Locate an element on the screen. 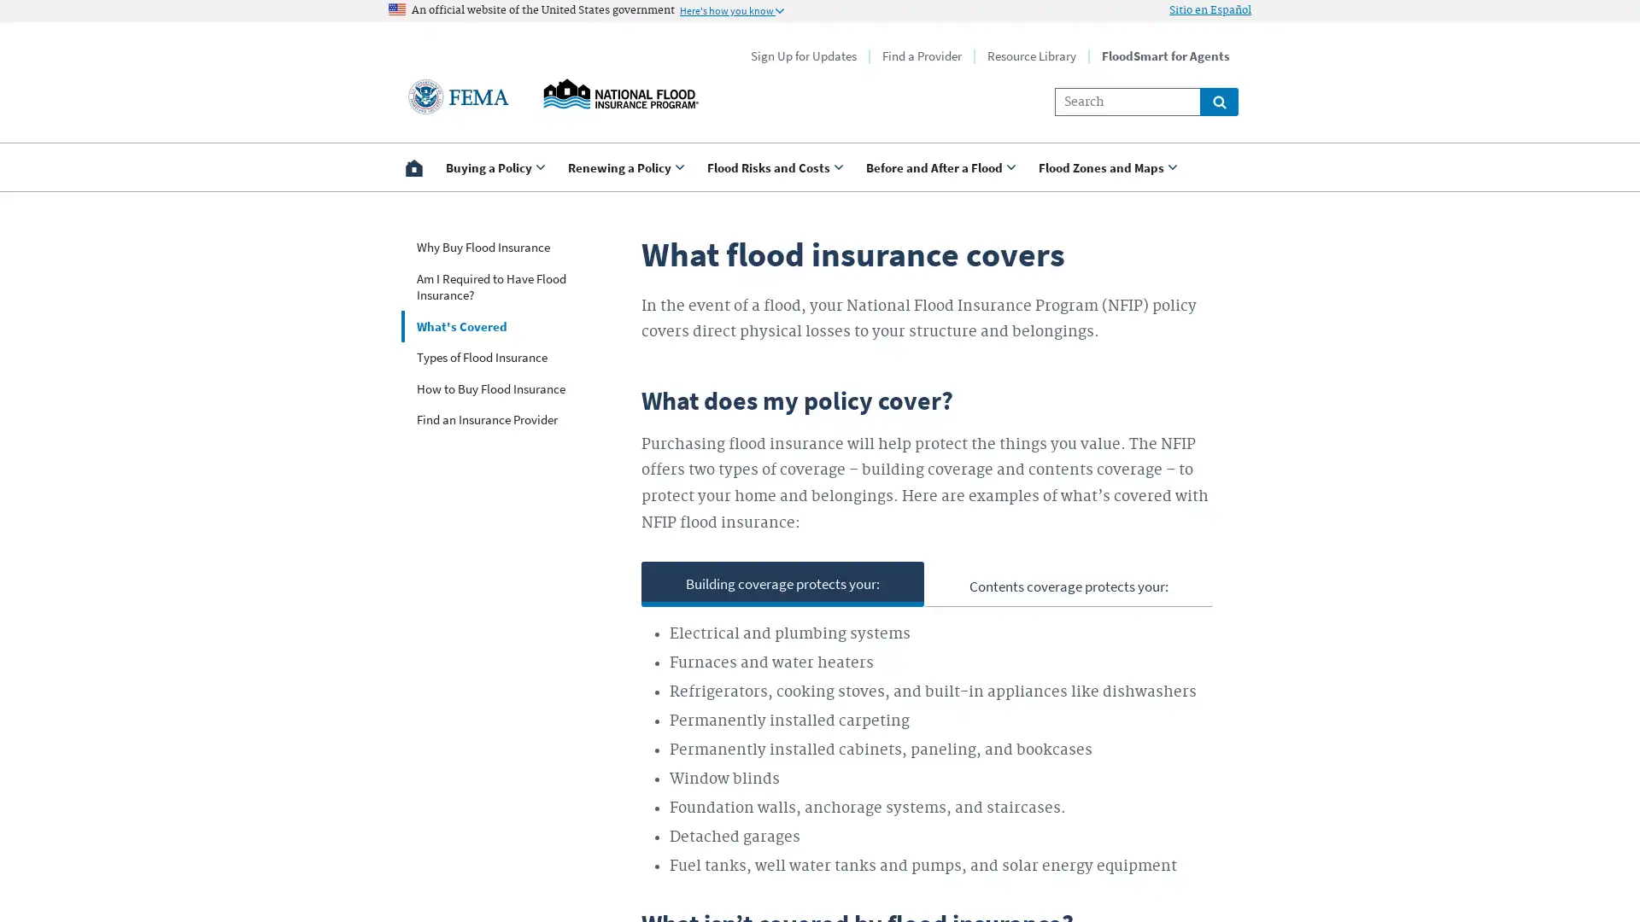 This screenshot has width=1640, height=922. Use <enter> and shift + <enter> to open and close the drop down to sub-menus is located at coordinates (942, 166).